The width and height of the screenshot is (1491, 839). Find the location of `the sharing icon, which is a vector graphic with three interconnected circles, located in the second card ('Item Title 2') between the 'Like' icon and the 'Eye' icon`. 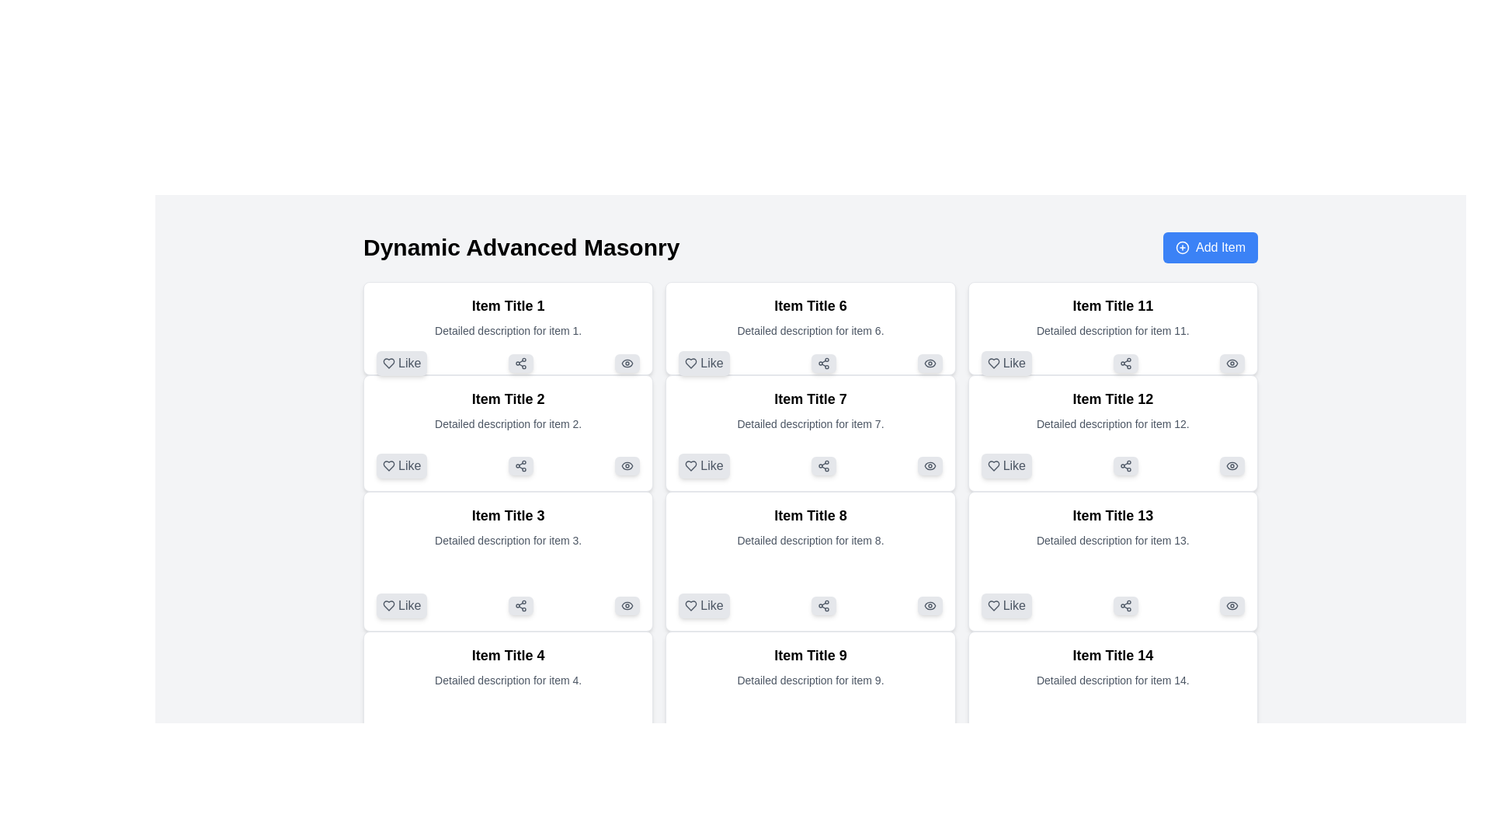

the sharing icon, which is a vector graphic with three interconnected circles, located in the second card ('Item Title 2') between the 'Like' icon and the 'Eye' icon is located at coordinates (521, 465).